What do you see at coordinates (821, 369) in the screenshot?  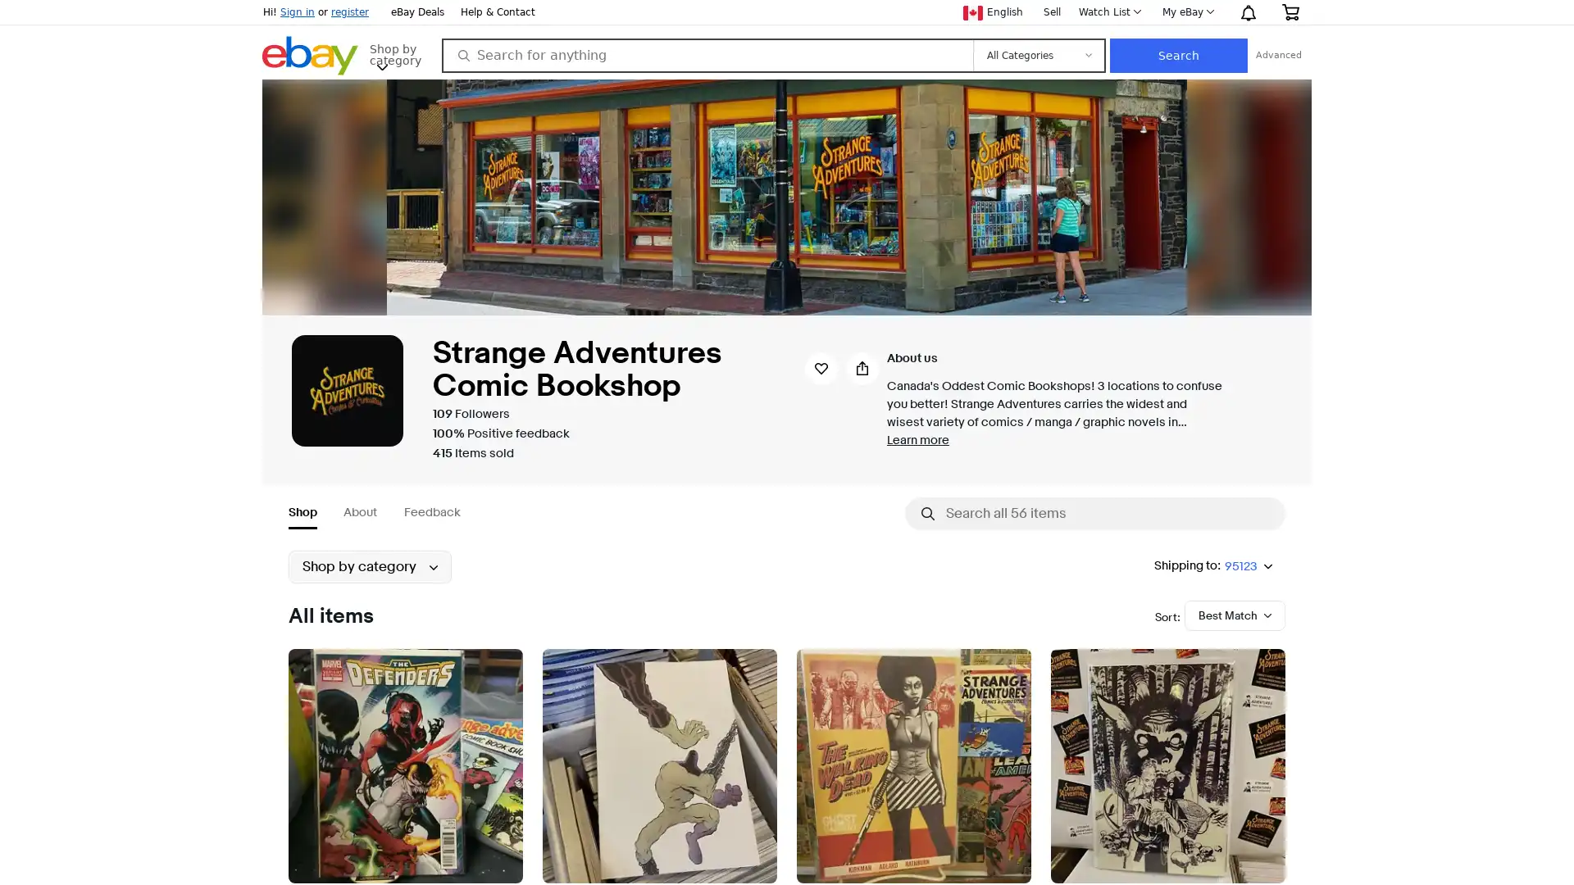 I see `Save seller strangeadventrz` at bounding box center [821, 369].